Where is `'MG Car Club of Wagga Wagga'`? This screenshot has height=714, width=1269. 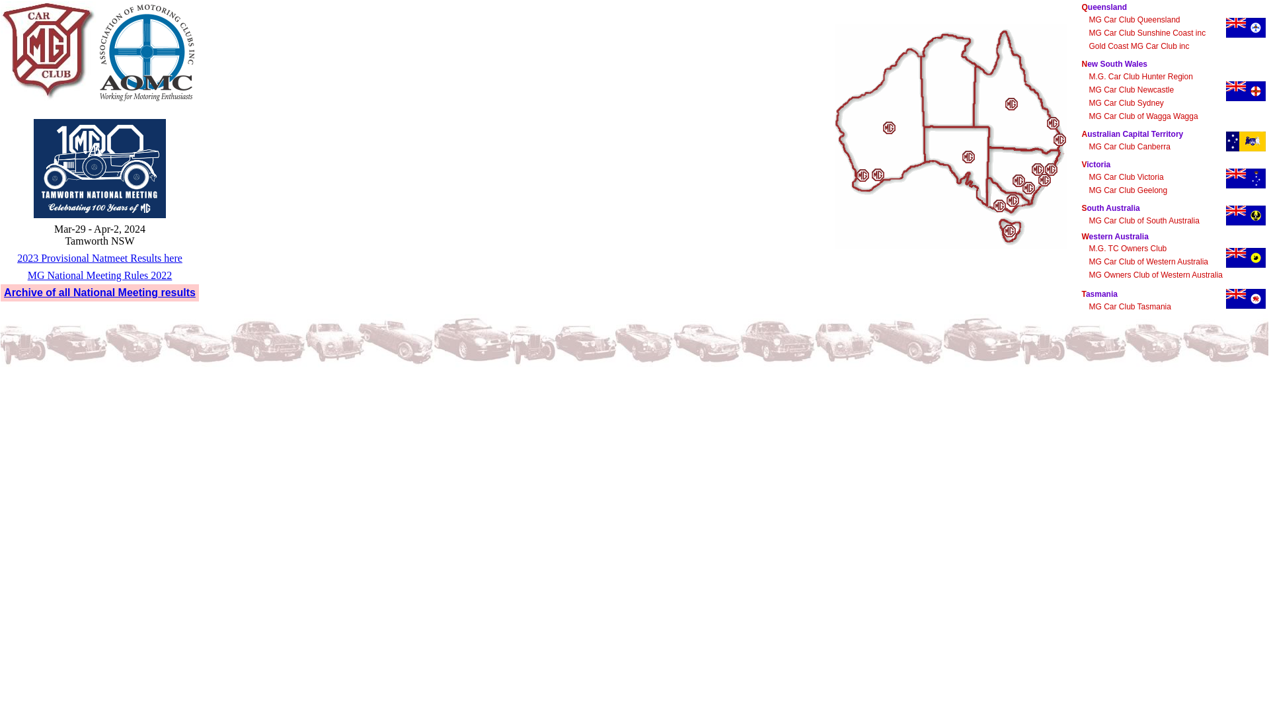
'MG Car Club of Wagga Wagga' is located at coordinates (1142, 116).